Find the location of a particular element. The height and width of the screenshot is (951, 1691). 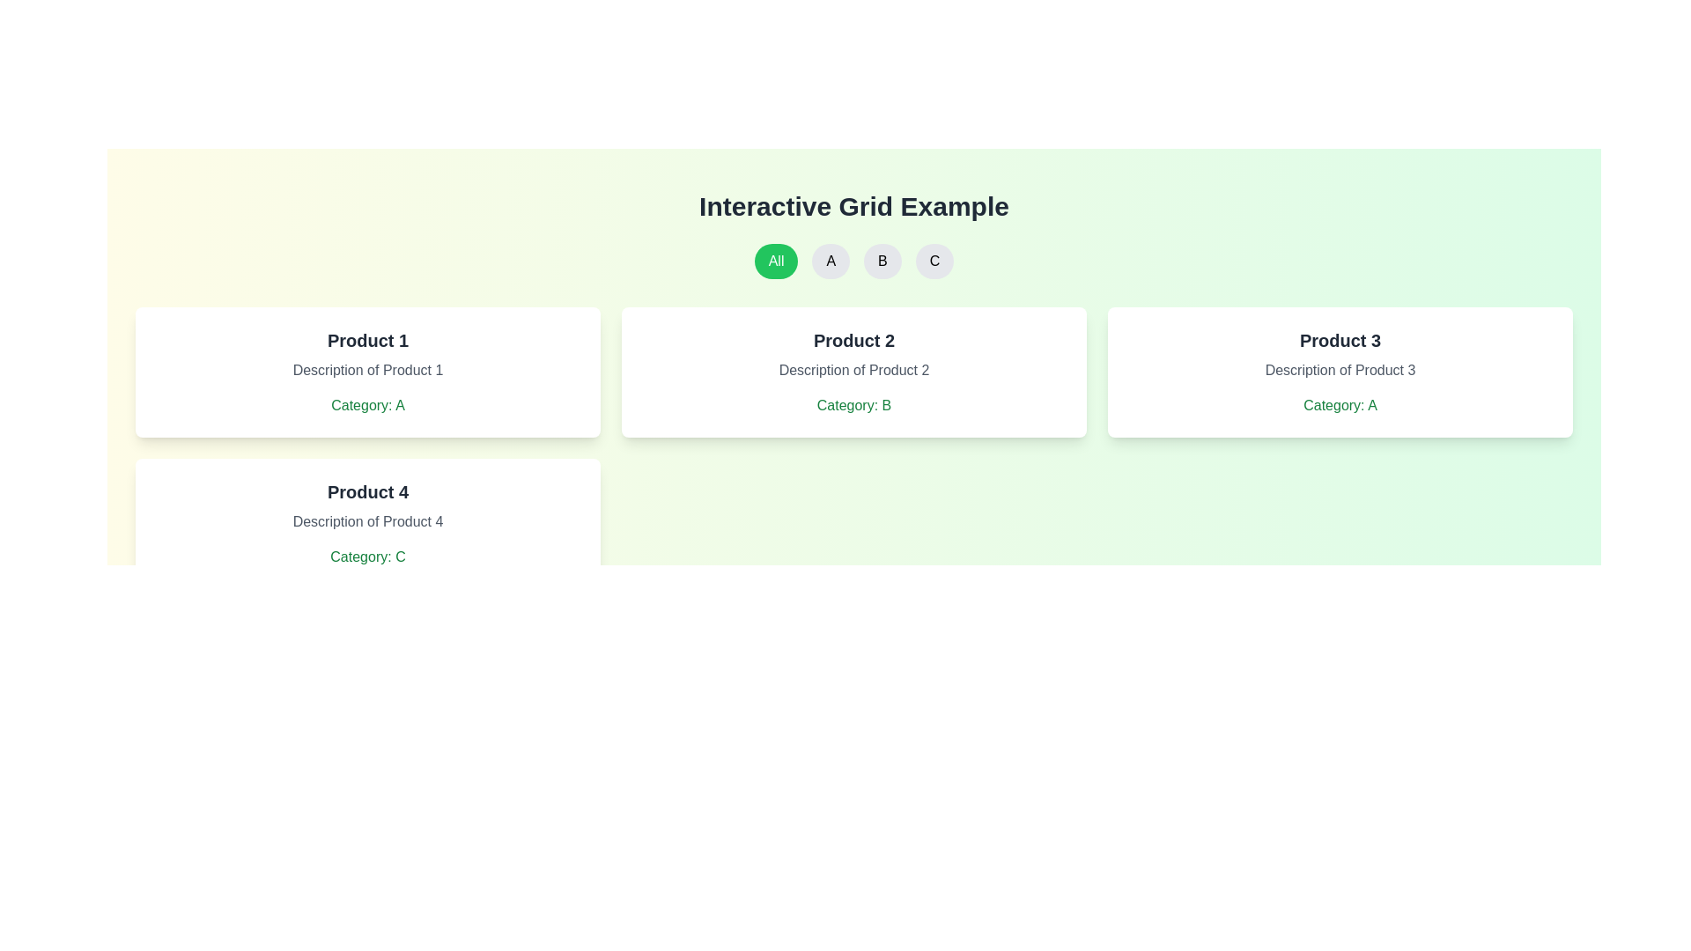

the circular button labeled 'C' with a soft gray background is located at coordinates (934, 262).